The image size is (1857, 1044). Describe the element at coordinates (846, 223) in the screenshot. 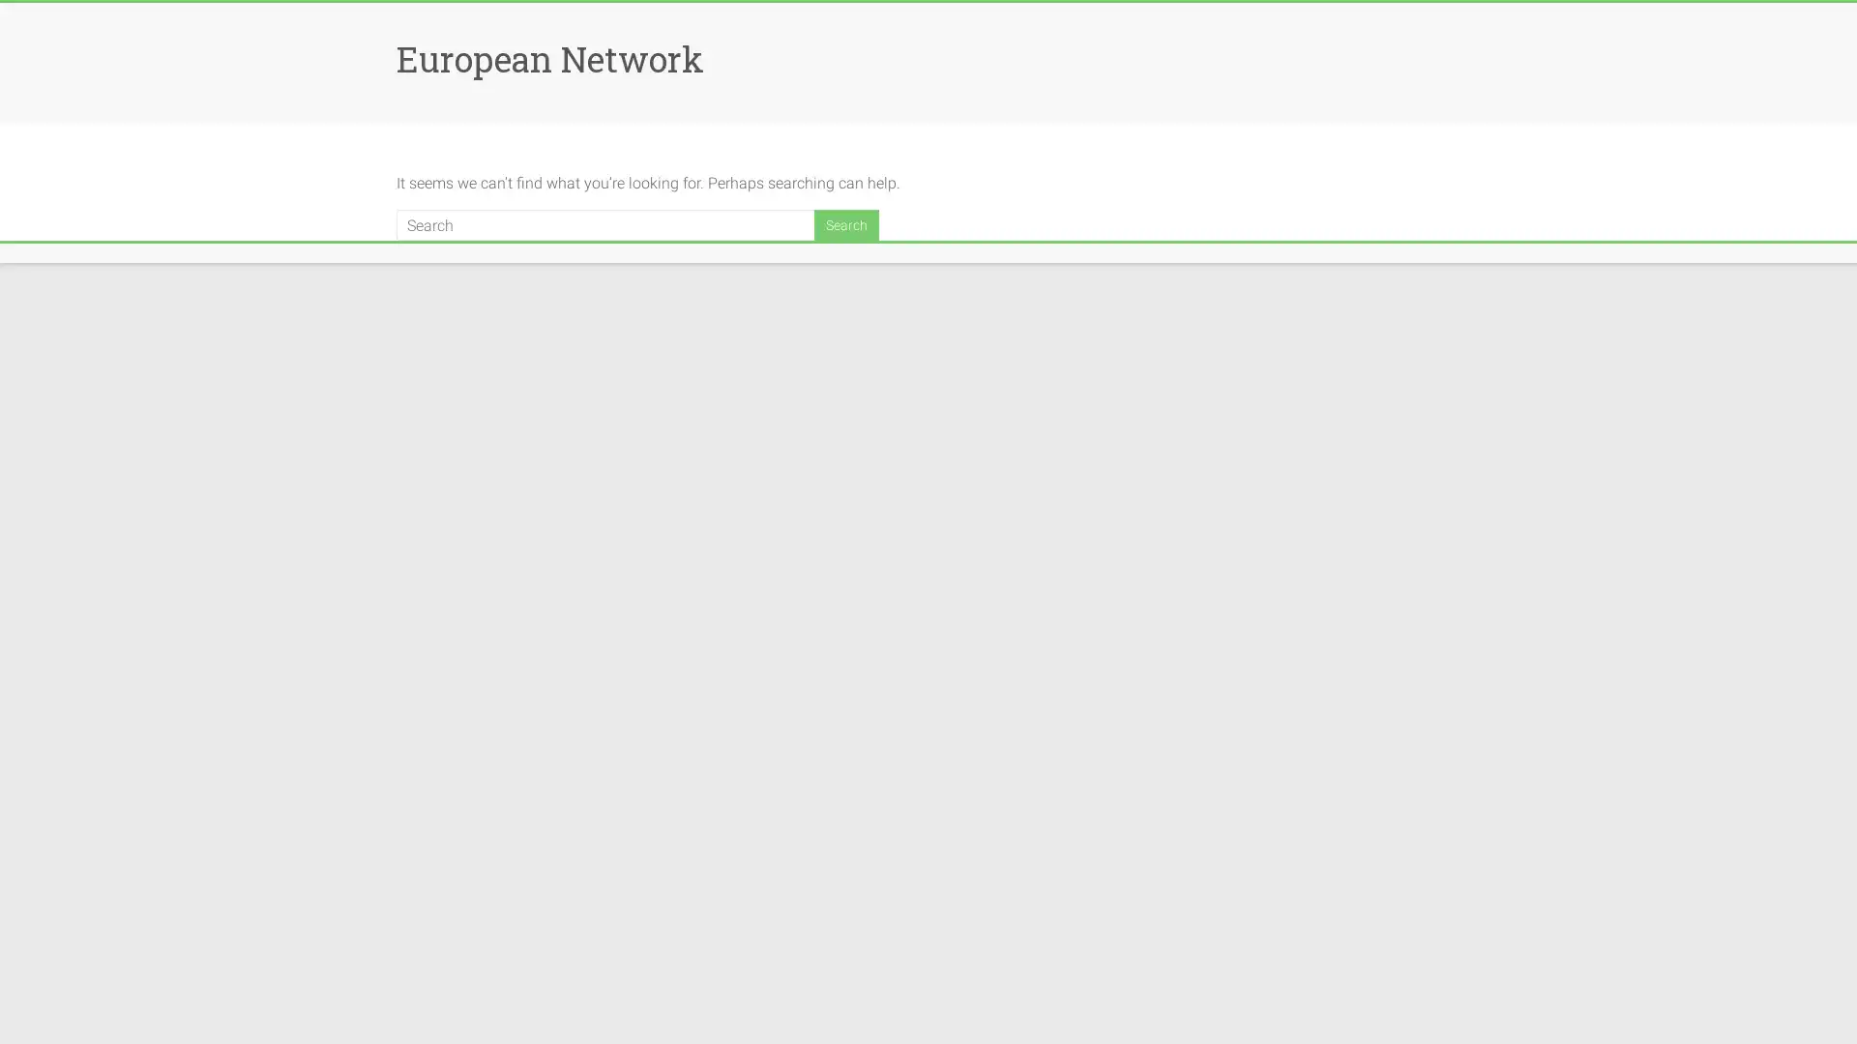

I see `Search` at that location.